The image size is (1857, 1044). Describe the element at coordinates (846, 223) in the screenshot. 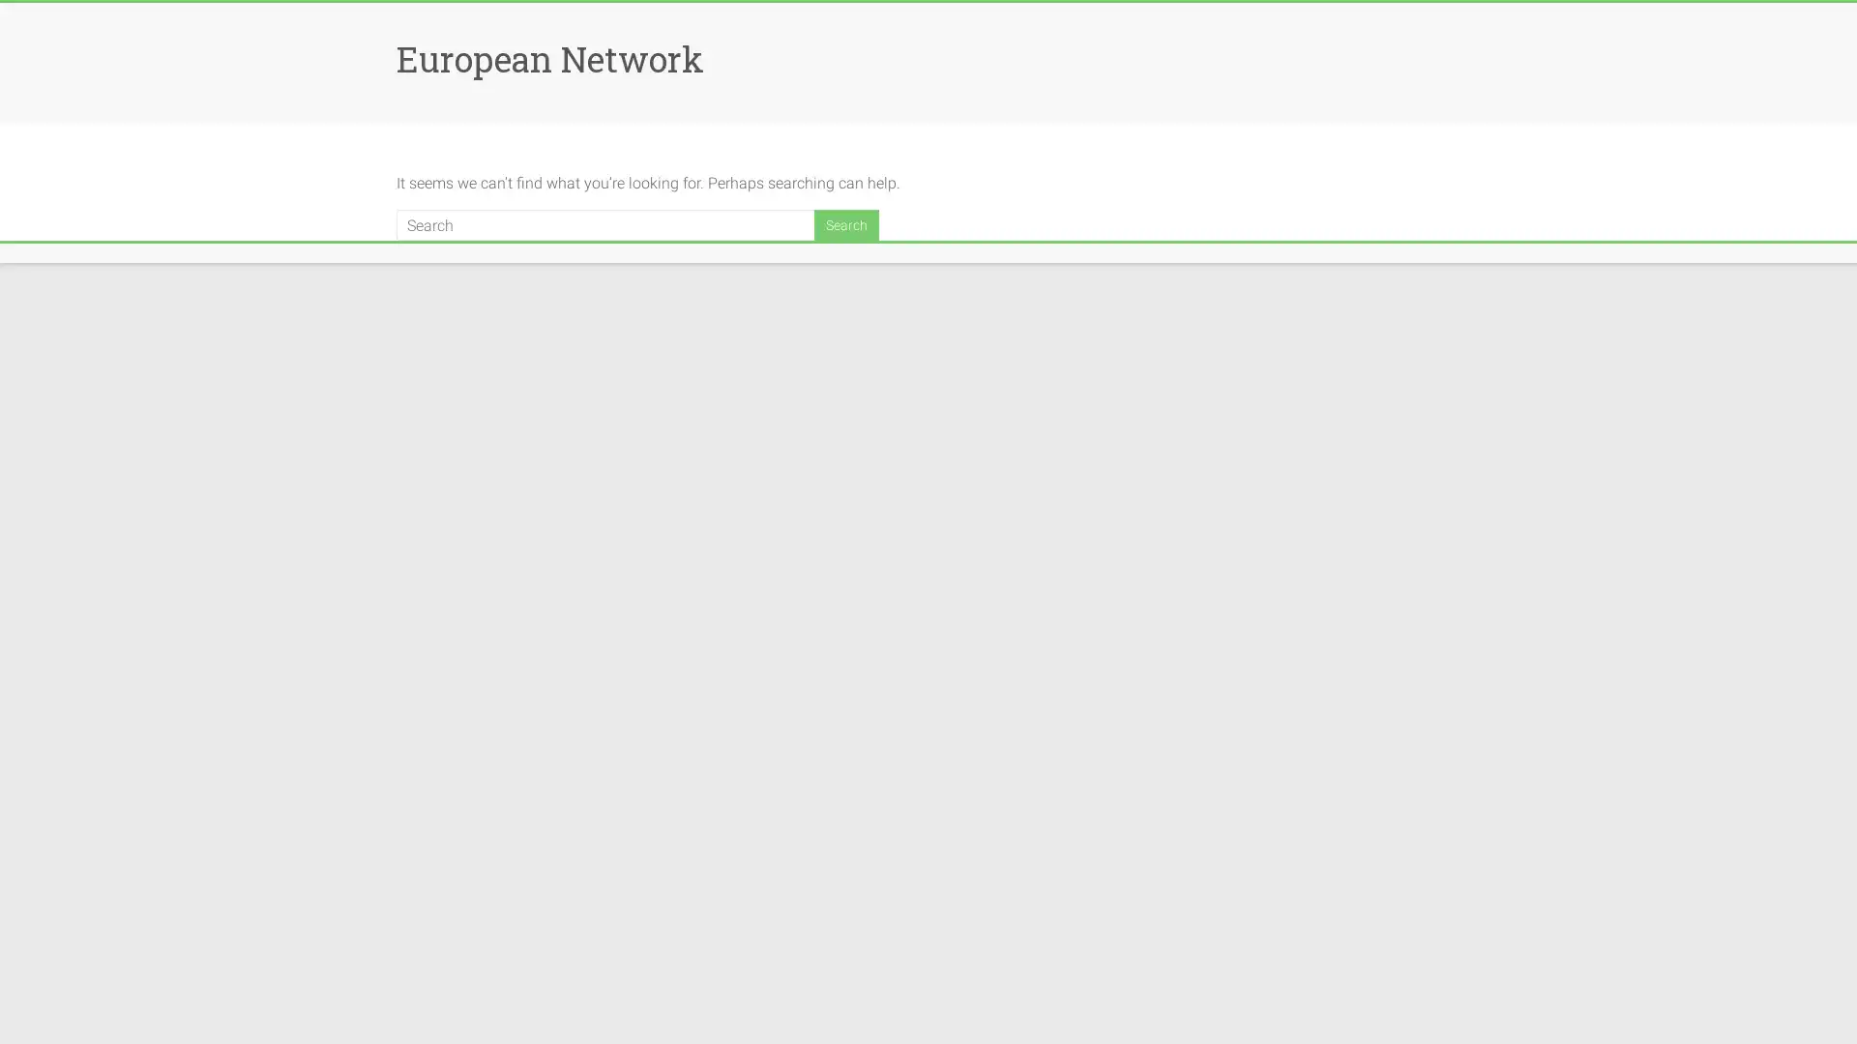

I see `Search` at that location.